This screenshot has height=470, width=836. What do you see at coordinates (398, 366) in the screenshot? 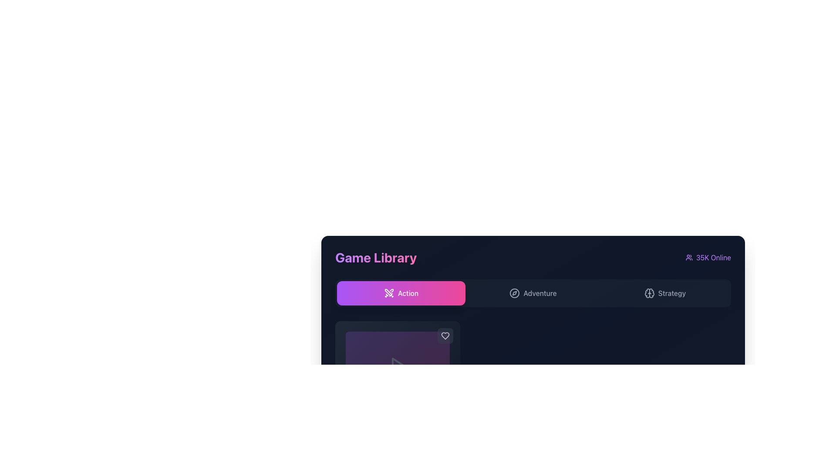
I see `the small triangular play icon located within the 'Action' category button, positioned near the center of the button area` at bounding box center [398, 366].